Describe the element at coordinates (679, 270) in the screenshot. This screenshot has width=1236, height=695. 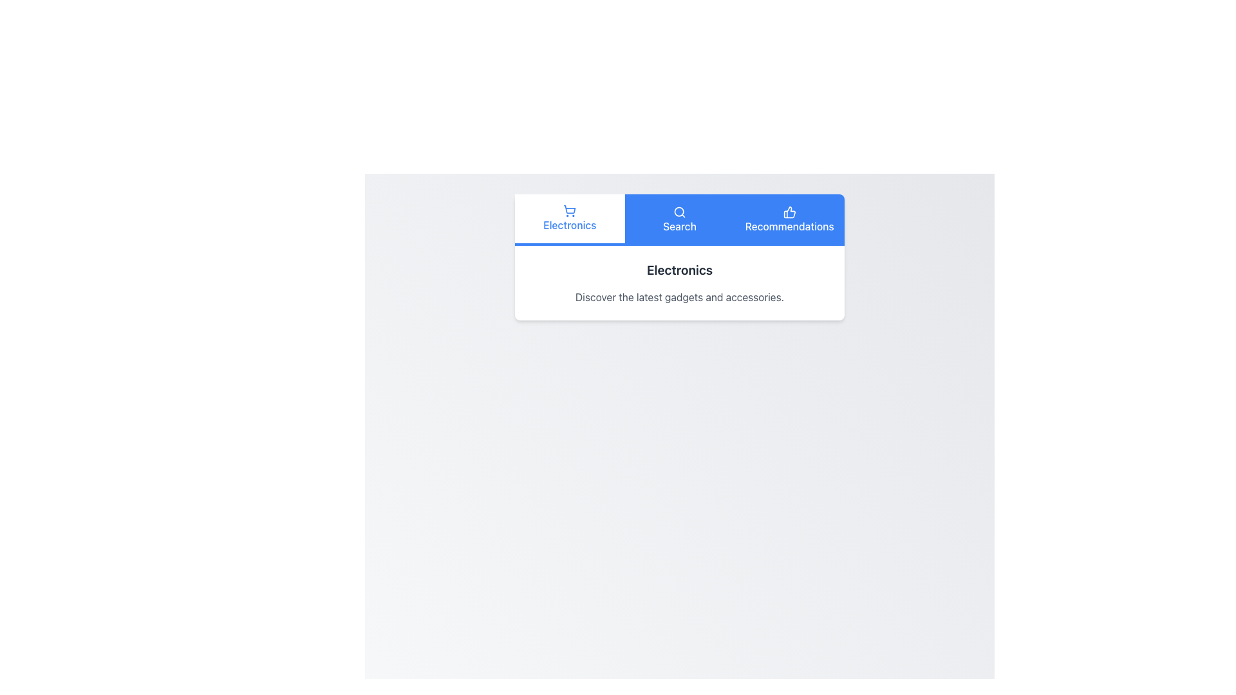
I see `the heading labeled 'Electronics', which serves as the primary topic for the section above the text 'Discover the latest gadgets and accessories'` at that location.